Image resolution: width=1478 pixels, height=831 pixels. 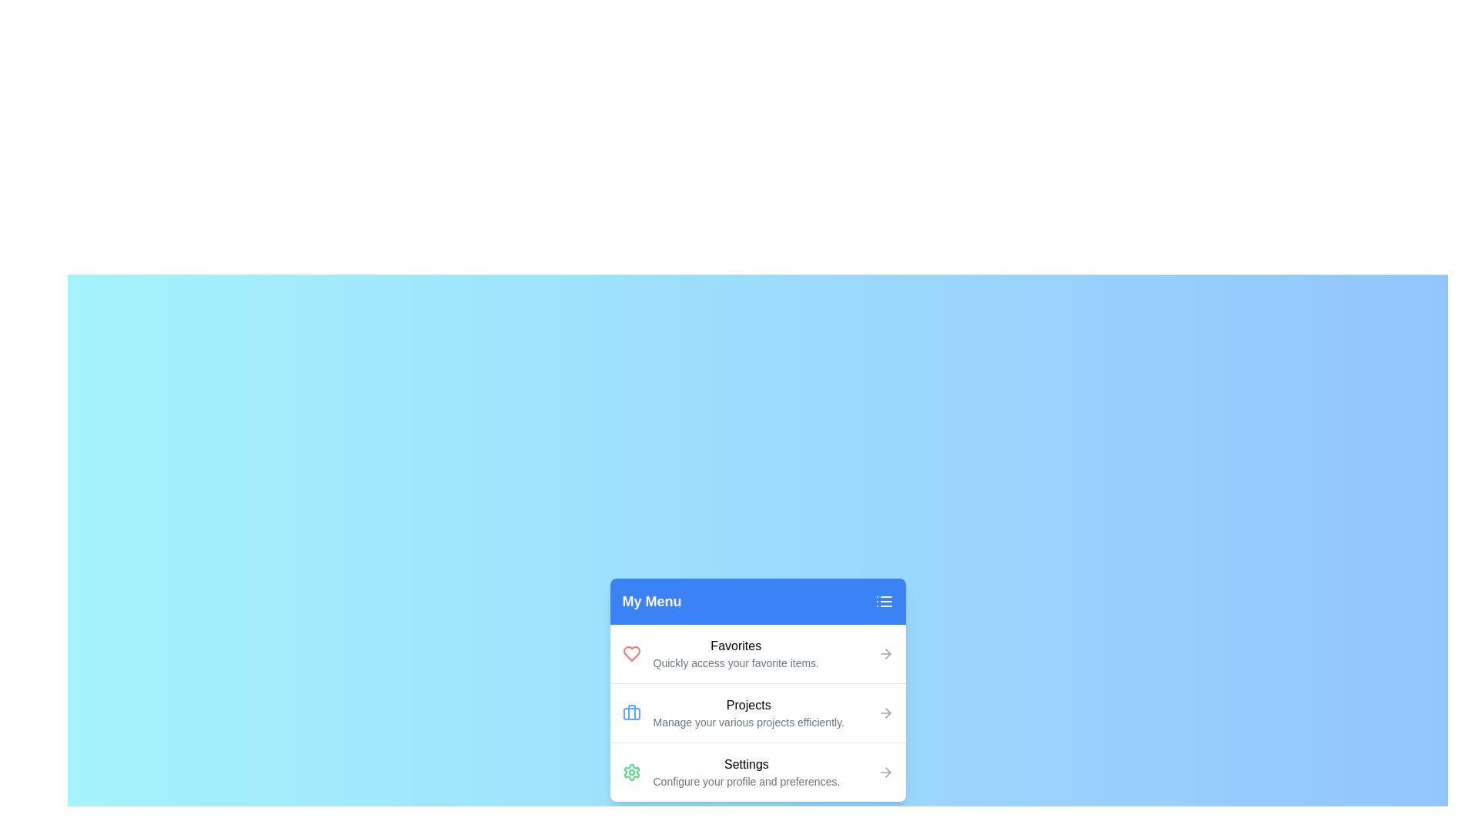 What do you see at coordinates (757, 713) in the screenshot?
I see `the menu item labeled Projects` at bounding box center [757, 713].